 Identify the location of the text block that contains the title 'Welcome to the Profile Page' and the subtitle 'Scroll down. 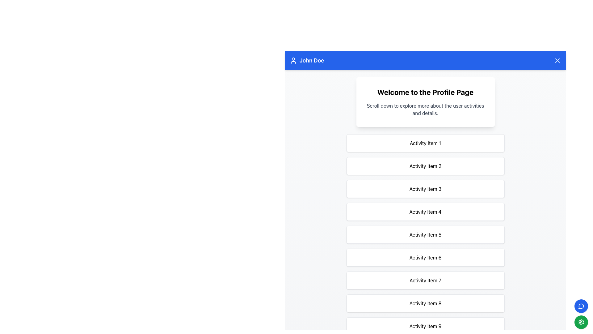
(425, 102).